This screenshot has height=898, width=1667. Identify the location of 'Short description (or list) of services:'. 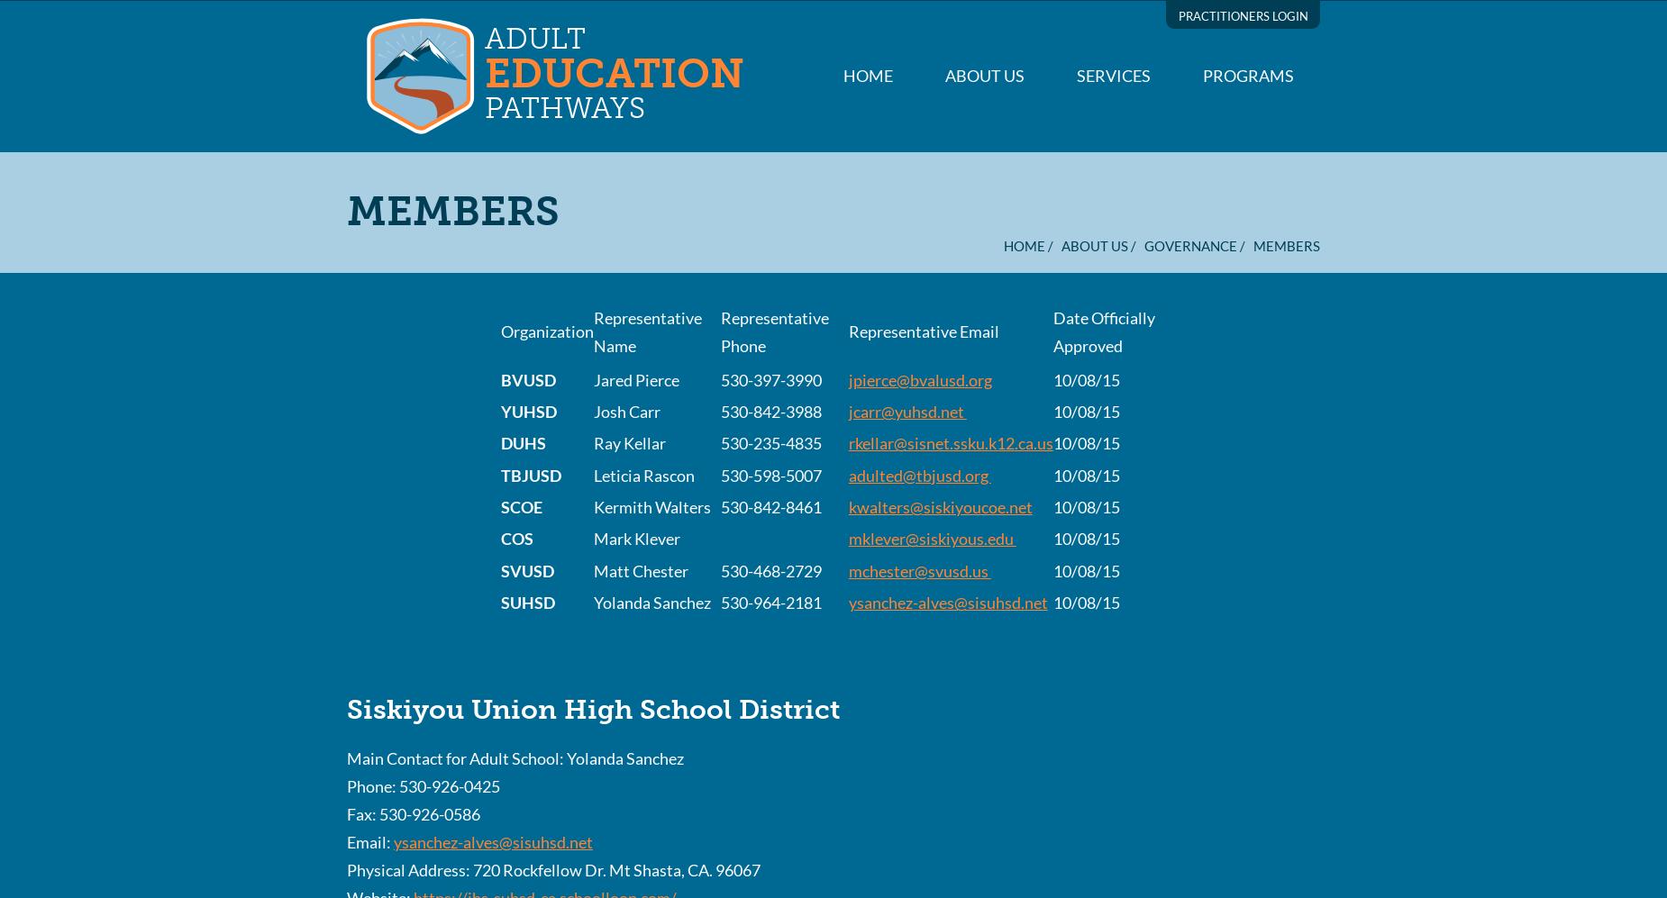
(478, 395).